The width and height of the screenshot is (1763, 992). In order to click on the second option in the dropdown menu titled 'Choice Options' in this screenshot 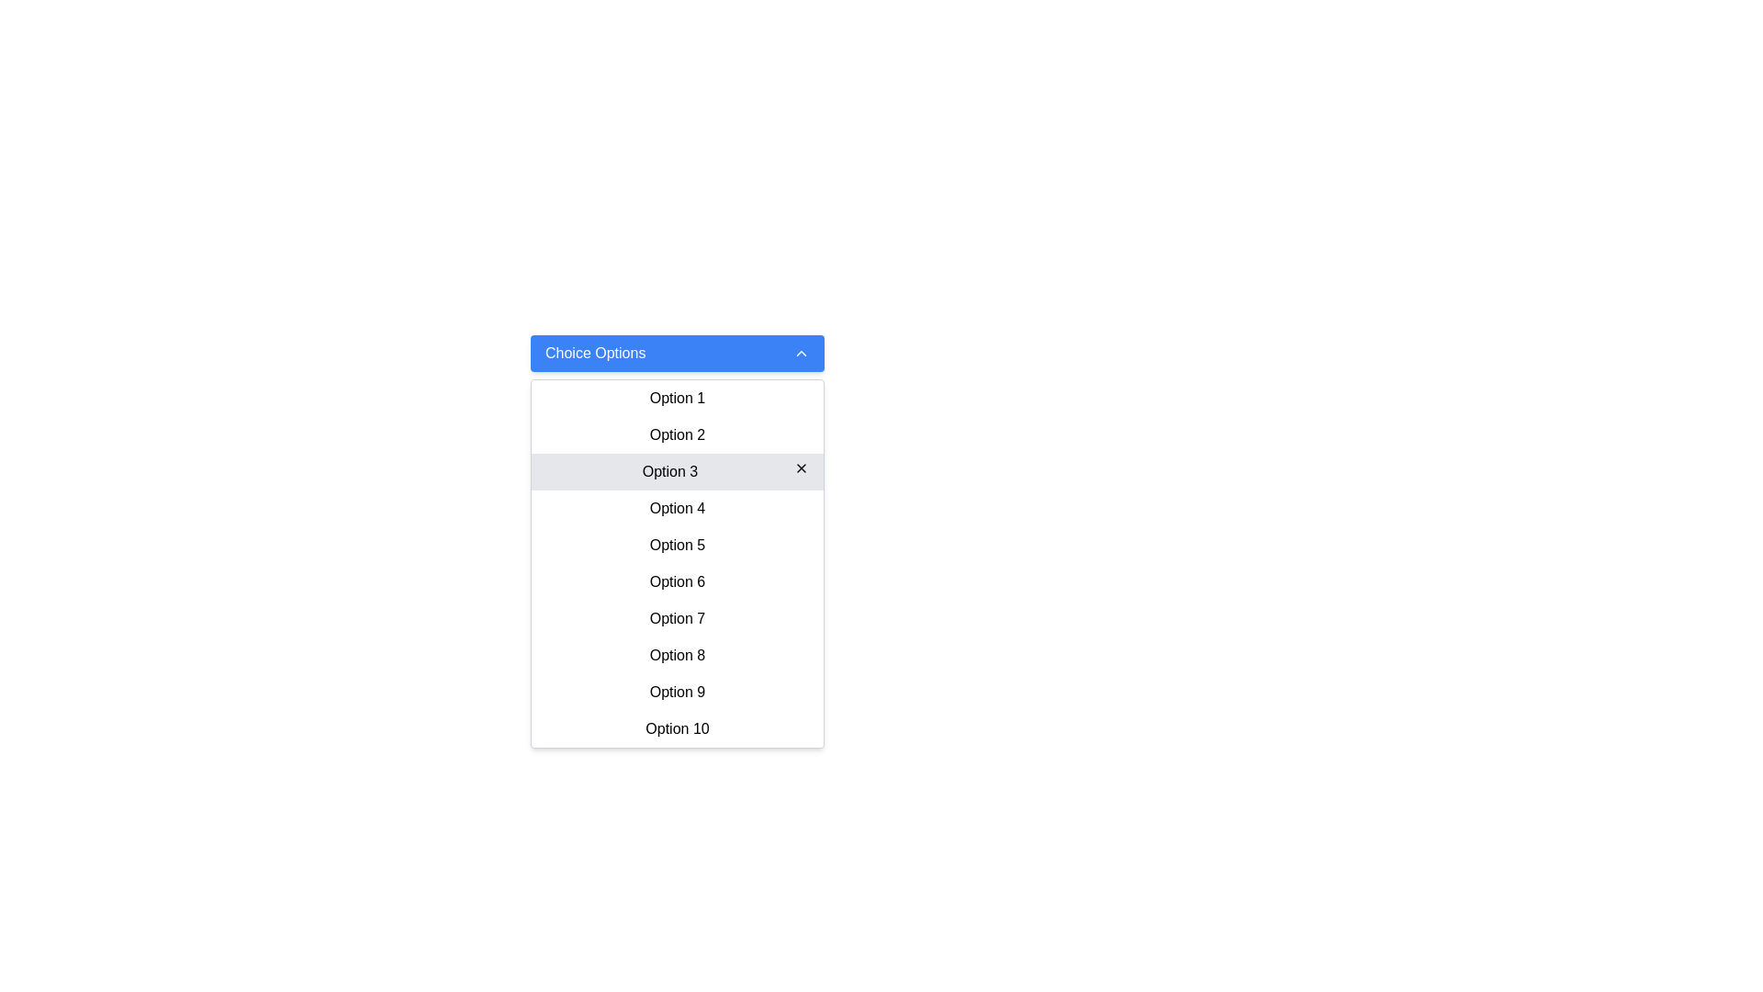, I will do `click(677, 434)`.